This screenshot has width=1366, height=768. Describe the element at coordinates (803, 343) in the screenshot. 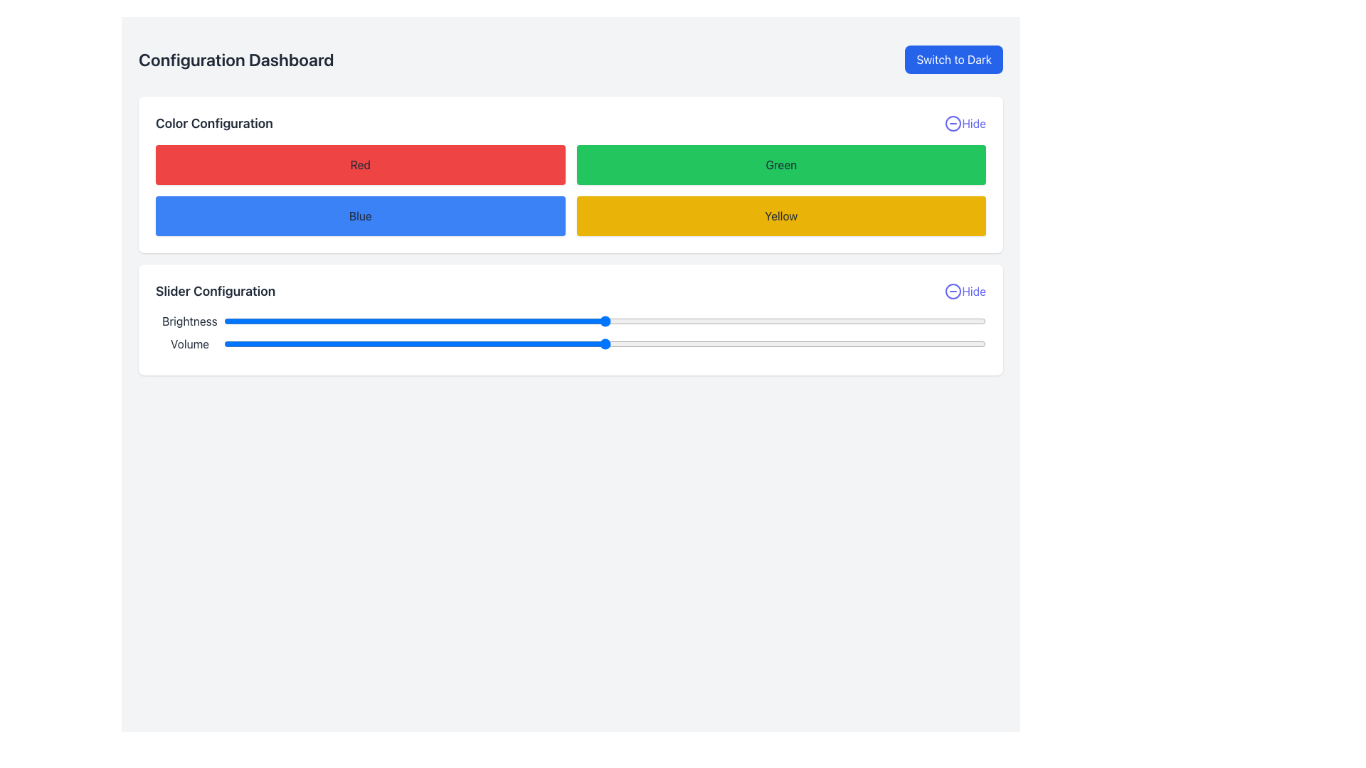

I see `the slider value` at that location.